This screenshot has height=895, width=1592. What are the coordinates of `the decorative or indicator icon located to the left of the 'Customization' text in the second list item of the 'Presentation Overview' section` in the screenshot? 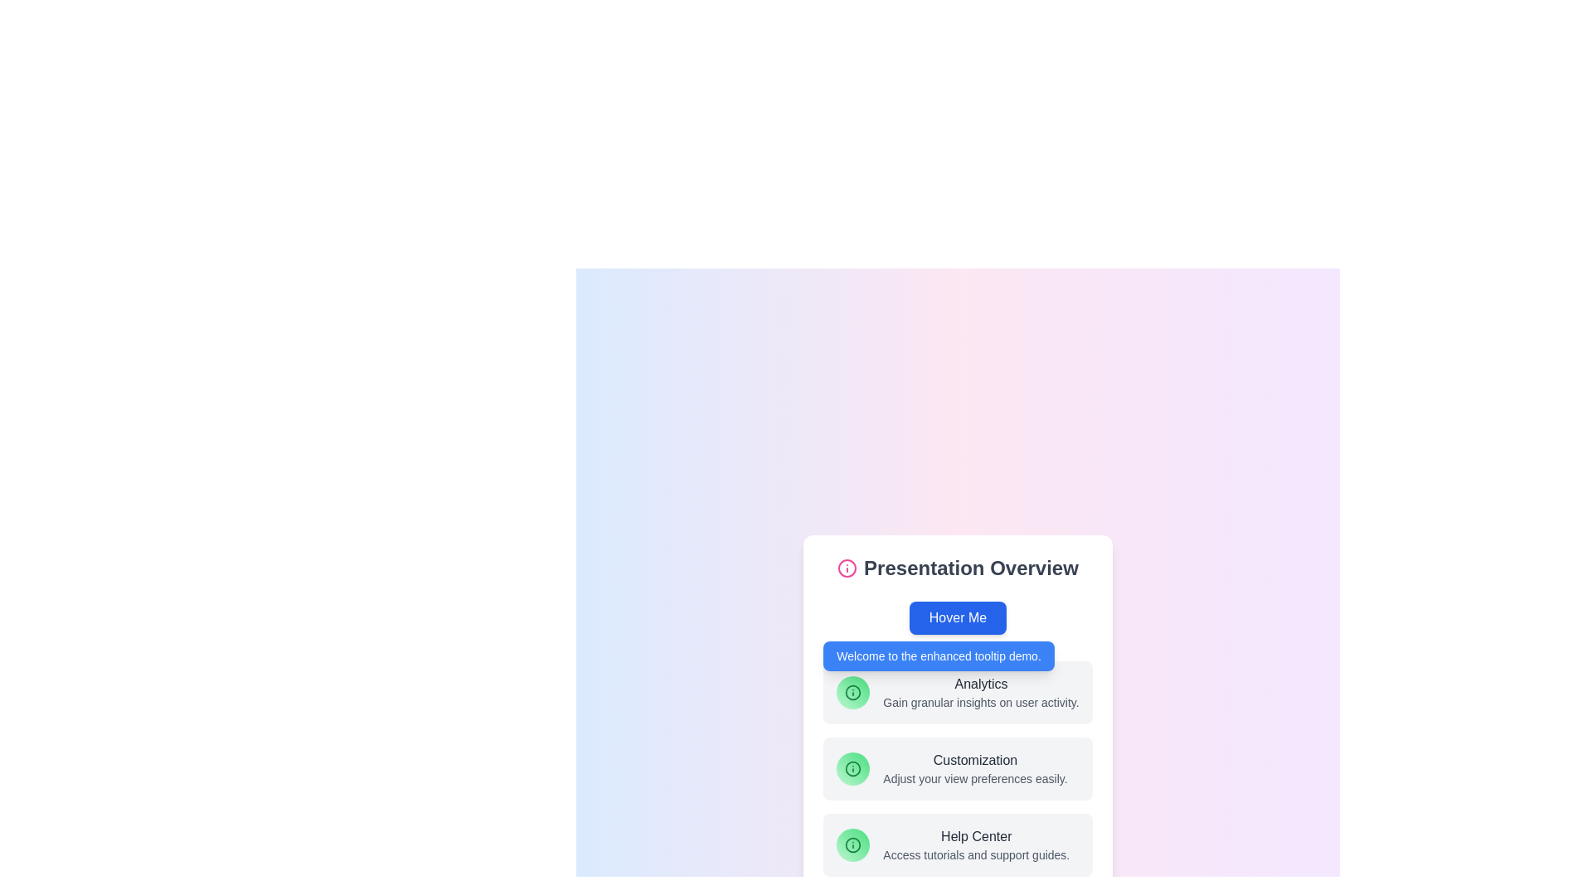 It's located at (853, 769).